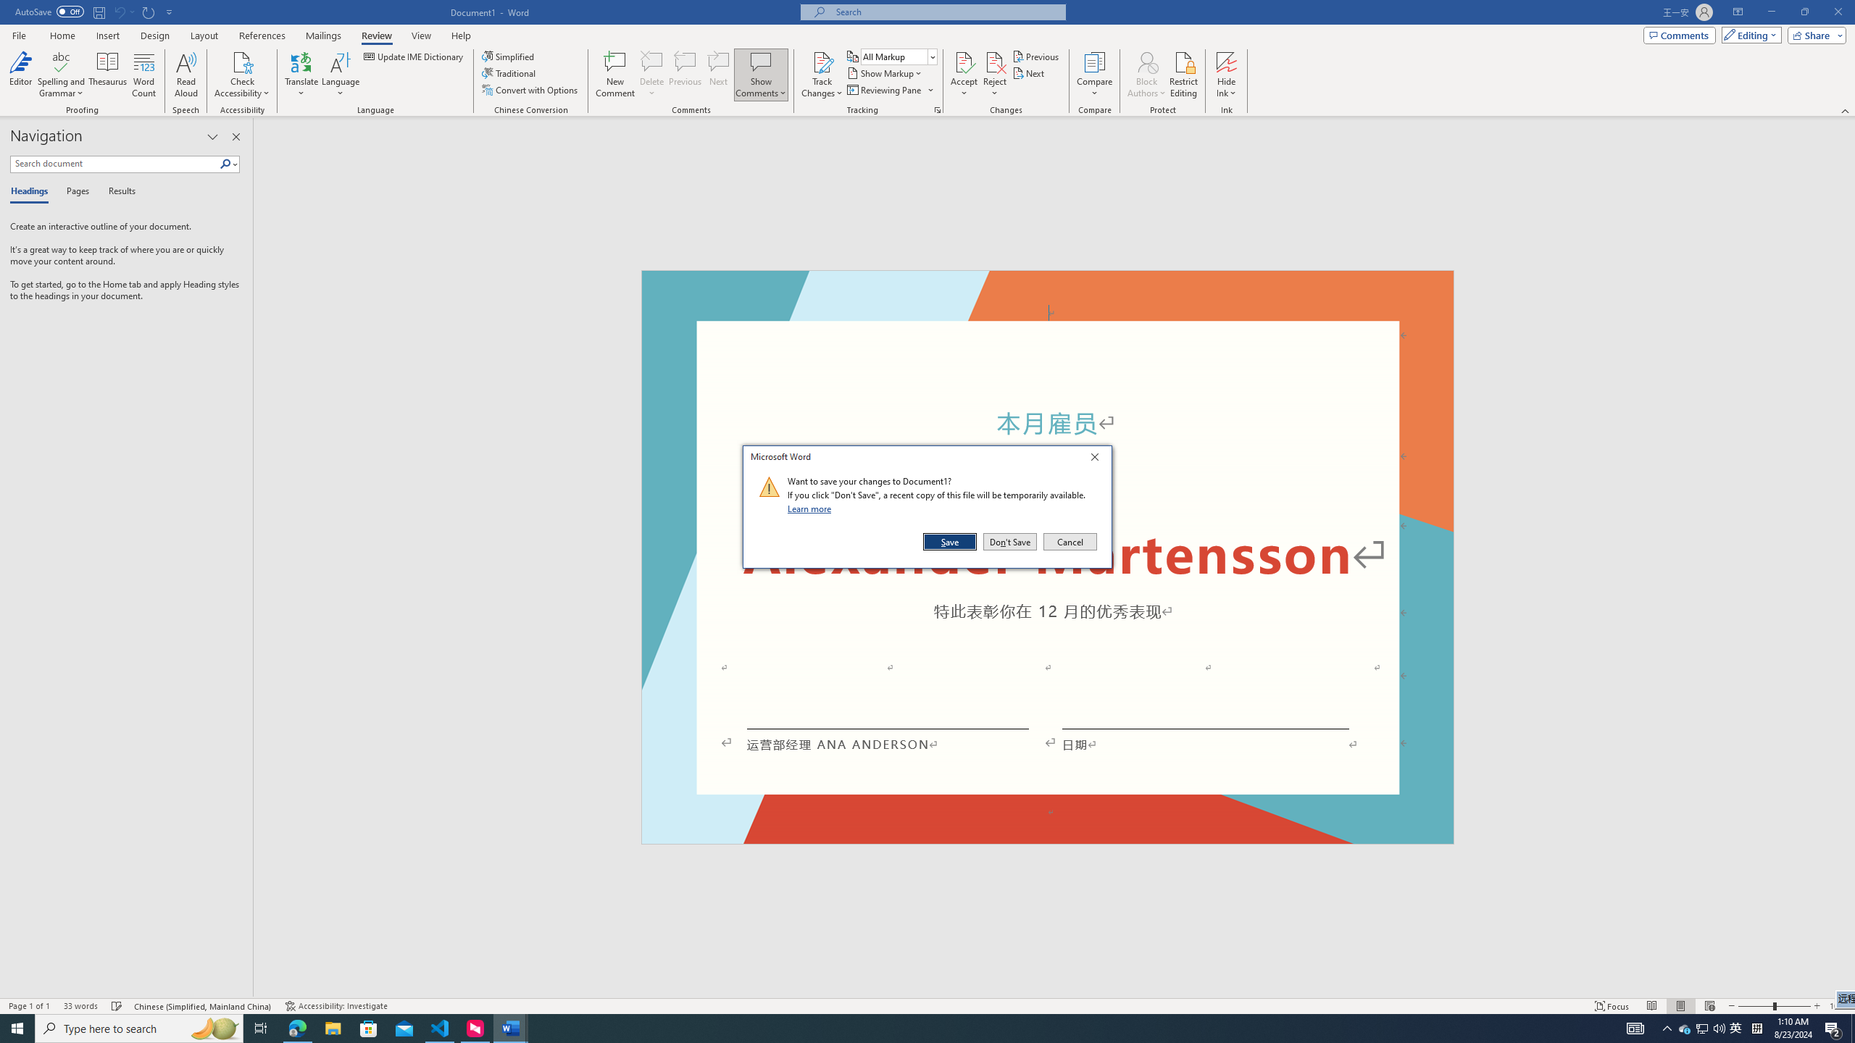 The image size is (1855, 1043). What do you see at coordinates (242, 75) in the screenshot?
I see `'Check Accessibility'` at bounding box center [242, 75].